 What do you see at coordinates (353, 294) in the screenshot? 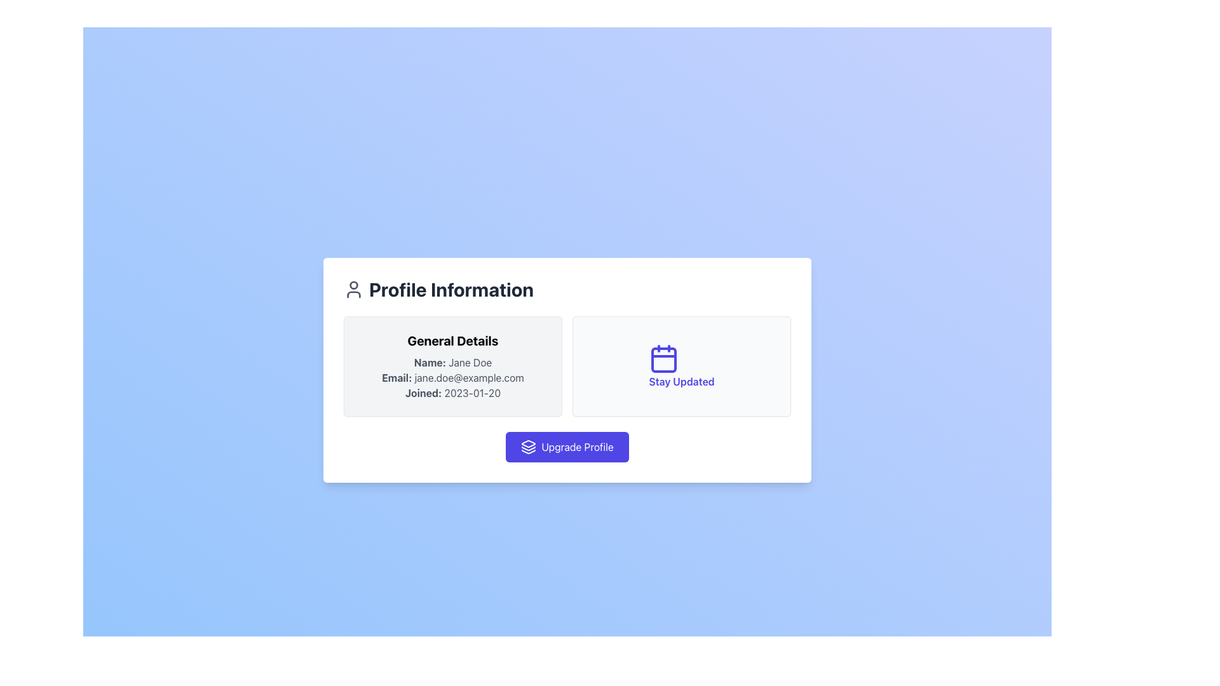
I see `the Icon Component that represents the lower part of a user figure, positioned below the circular head component in the user icon SVG` at bounding box center [353, 294].